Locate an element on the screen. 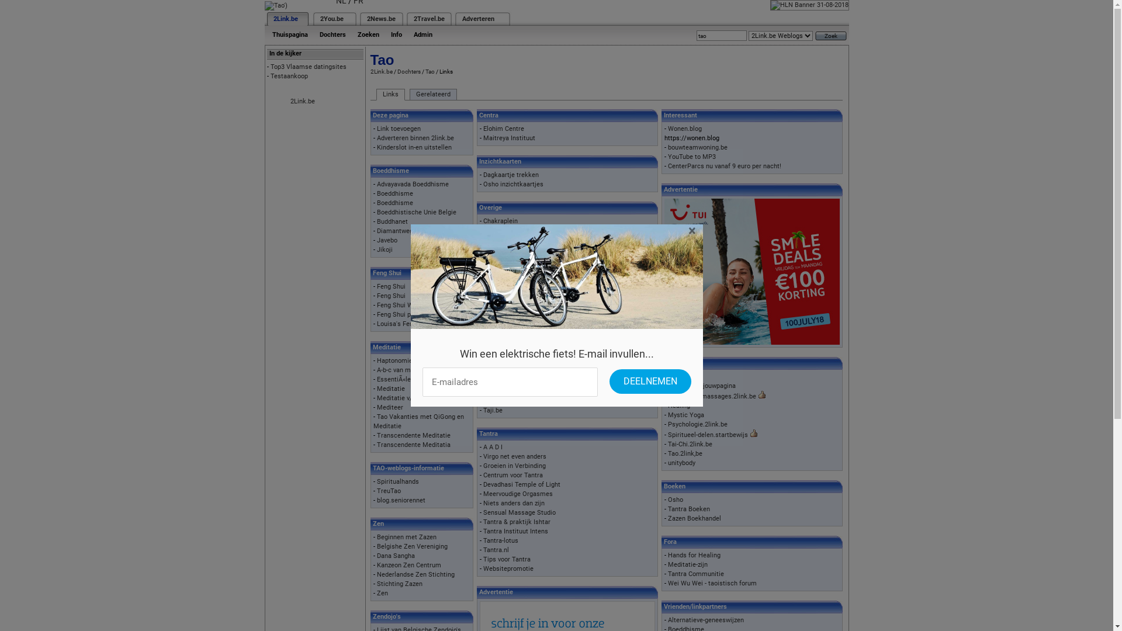 This screenshot has width=1122, height=631. 'unitybody' is located at coordinates (667, 462).